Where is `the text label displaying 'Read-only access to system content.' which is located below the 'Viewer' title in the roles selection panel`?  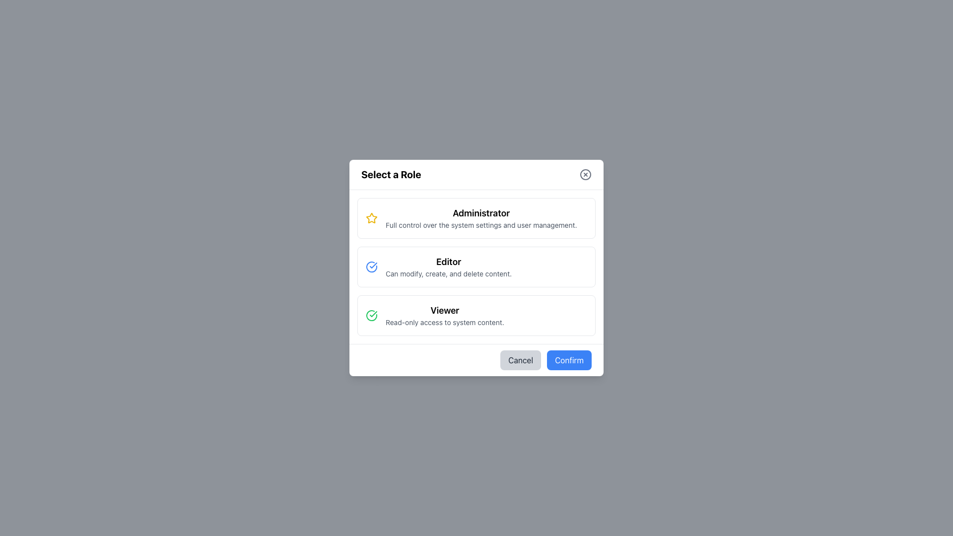 the text label displaying 'Read-only access to system content.' which is located below the 'Viewer' title in the roles selection panel is located at coordinates (444, 323).